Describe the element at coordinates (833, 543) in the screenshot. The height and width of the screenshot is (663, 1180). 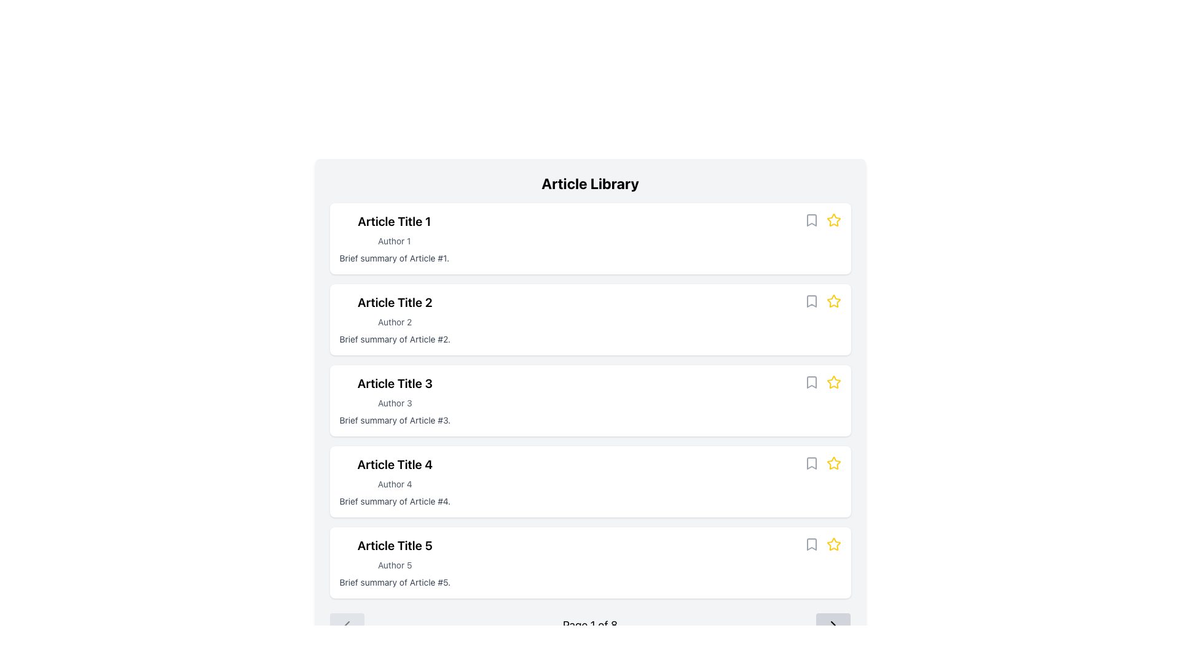
I see `the yellow star icon with a hollow center, positioned at the far right of the row for 'Article Title 5'` at that location.